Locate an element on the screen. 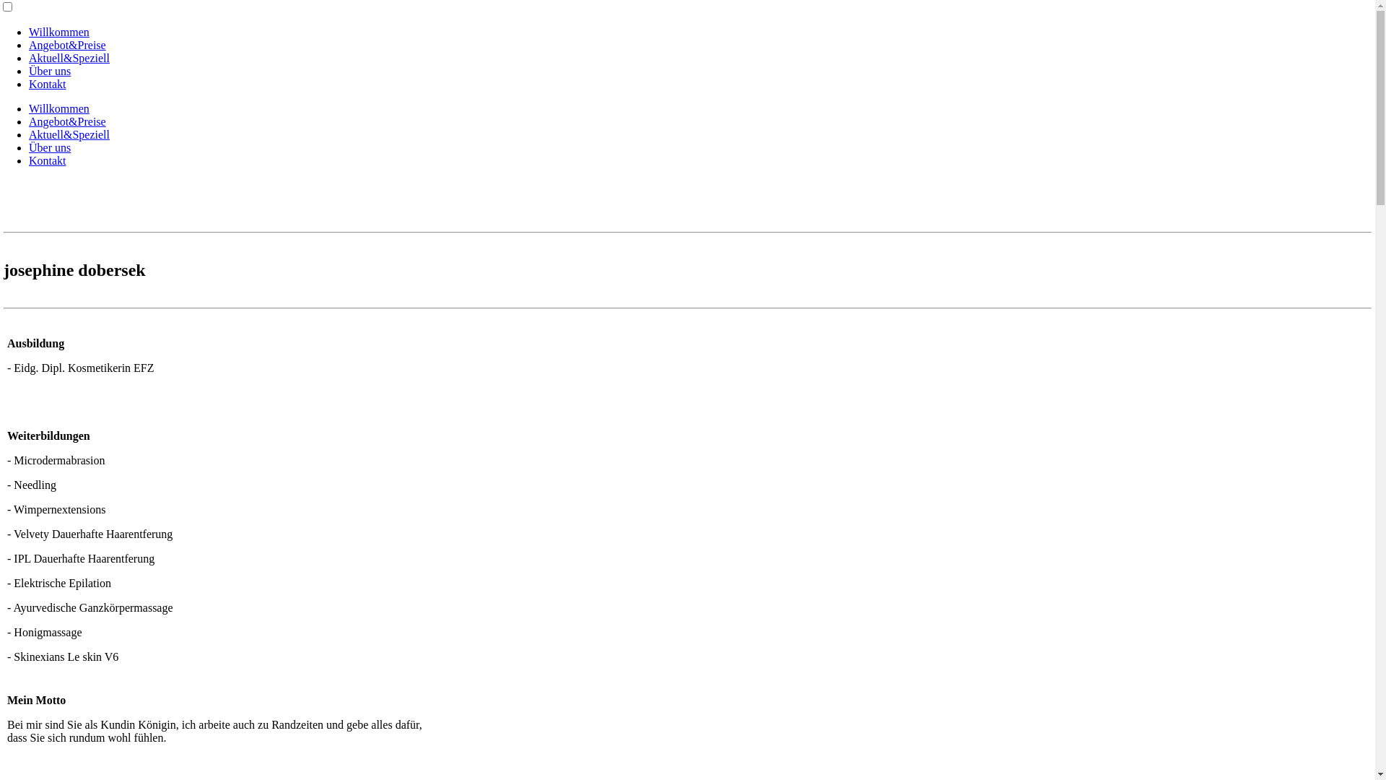 This screenshot has width=1386, height=780. 'Willkommen' is located at coordinates (58, 32).